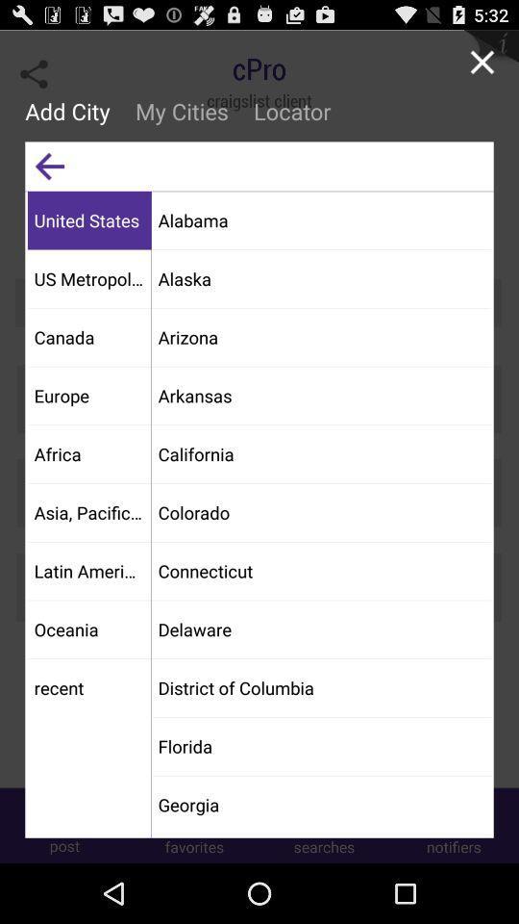 The width and height of the screenshot is (519, 924). Describe the element at coordinates (88, 629) in the screenshot. I see `app above recent` at that location.